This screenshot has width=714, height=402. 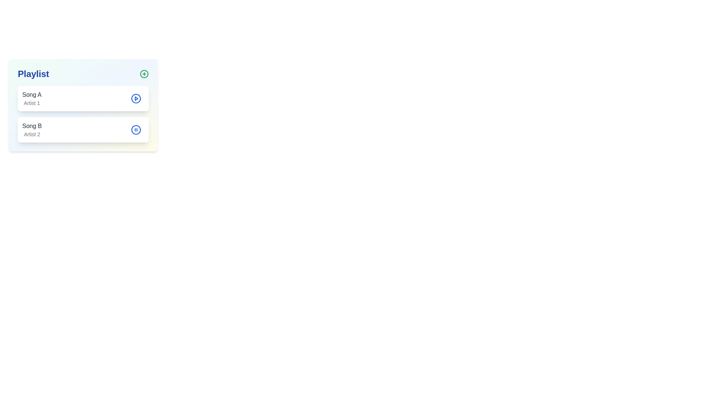 I want to click on the playback button located on the far right of the bottom card labelled 'Song B' in the playlist, so click(x=136, y=129).